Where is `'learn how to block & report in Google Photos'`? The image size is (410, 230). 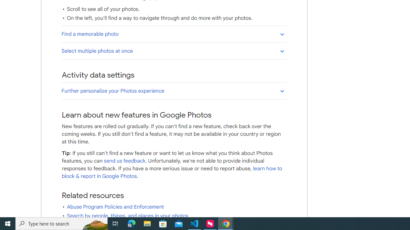 'learn how to block & report in Google Photos' is located at coordinates (172, 172).